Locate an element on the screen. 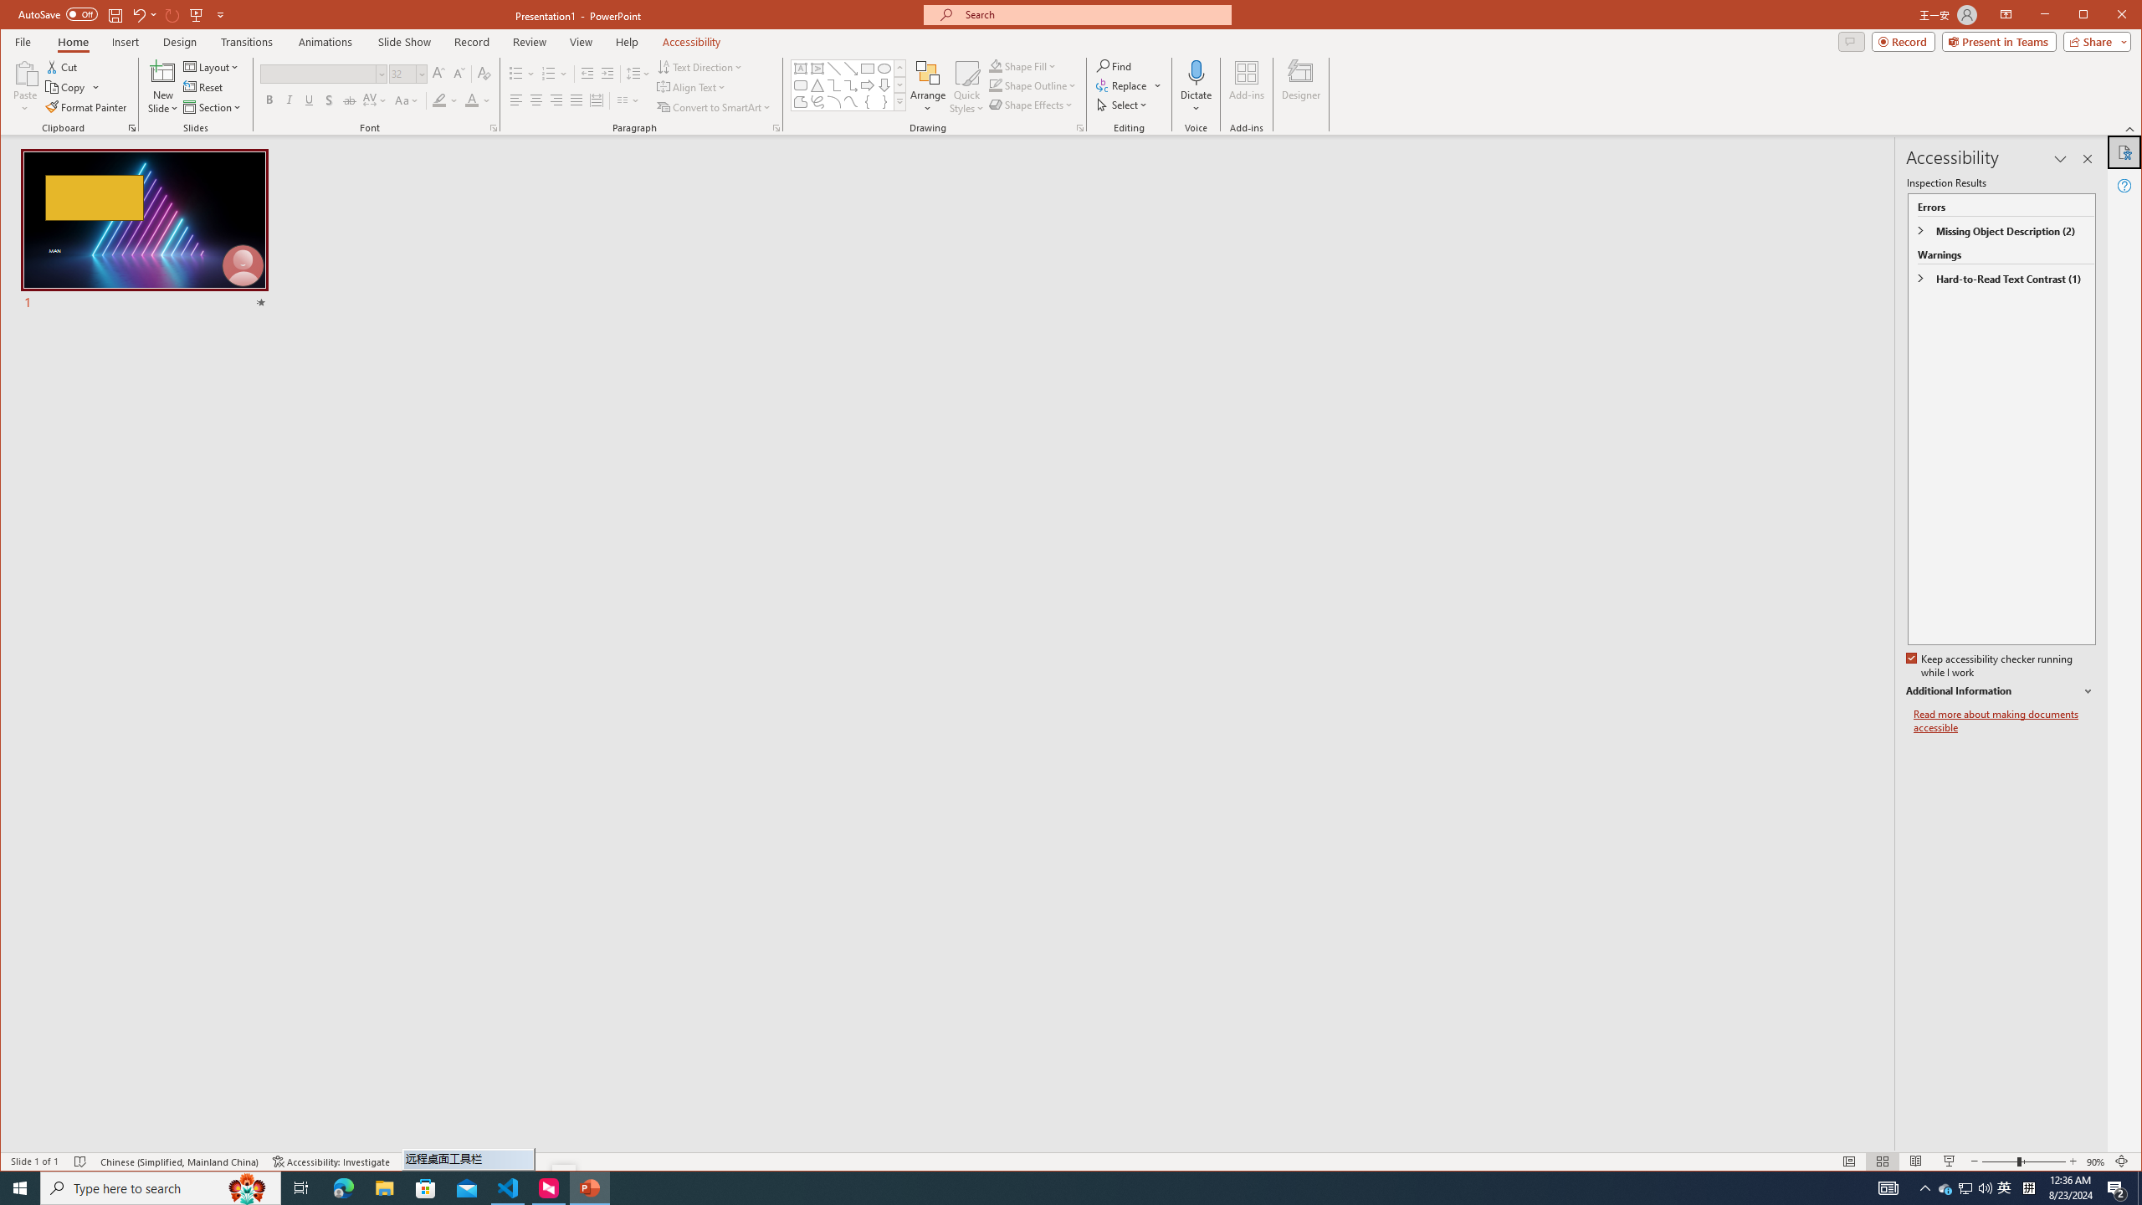 This screenshot has height=1205, width=2142. 'Zoom Out' is located at coordinates (1998, 1161).